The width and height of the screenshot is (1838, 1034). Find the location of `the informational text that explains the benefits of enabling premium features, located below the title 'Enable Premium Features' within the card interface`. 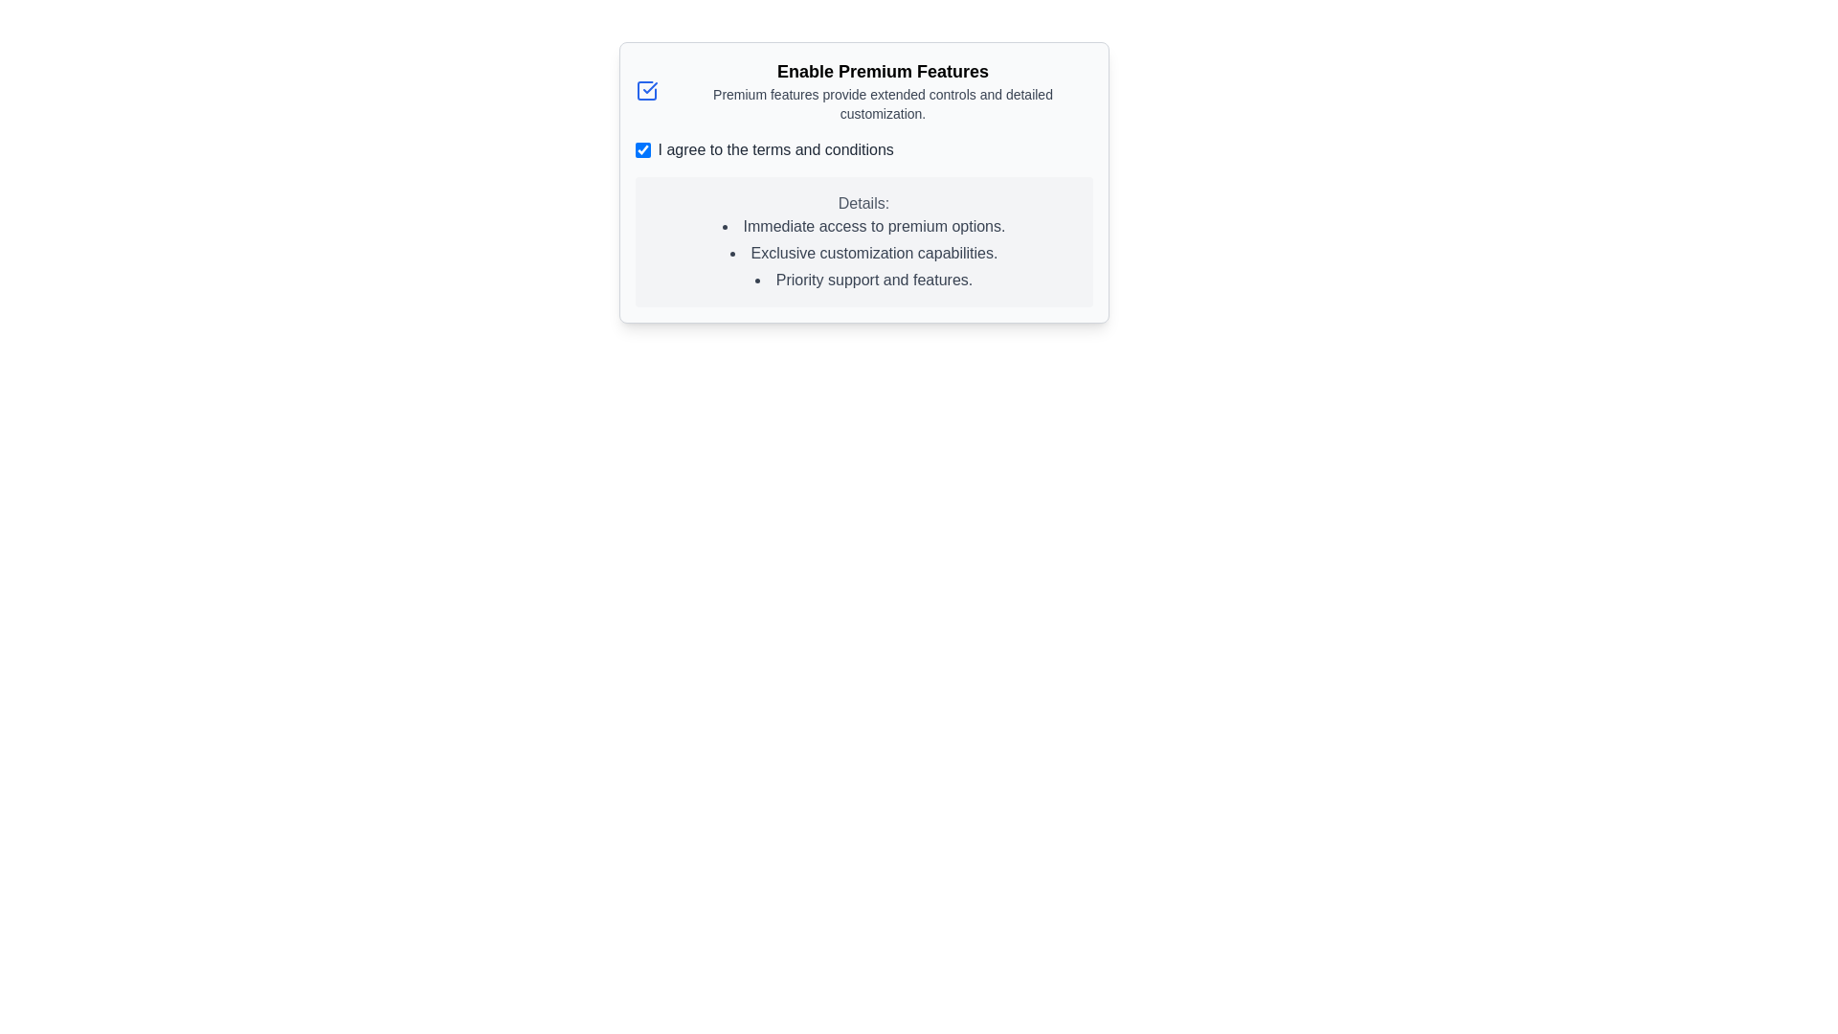

the informational text that explains the benefits of enabling premium features, located below the title 'Enable Premium Features' within the card interface is located at coordinates (882, 103).